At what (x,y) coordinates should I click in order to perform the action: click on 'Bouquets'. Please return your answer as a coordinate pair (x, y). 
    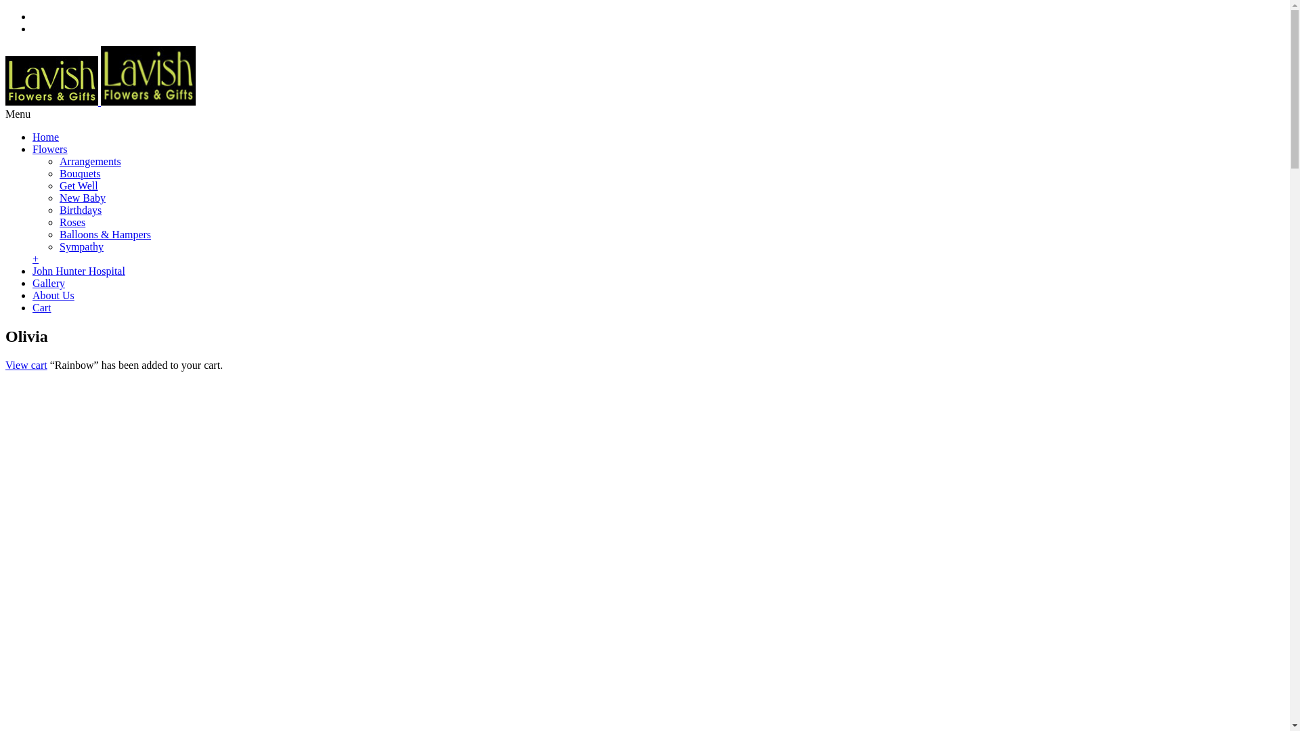
    Looking at the image, I should click on (79, 173).